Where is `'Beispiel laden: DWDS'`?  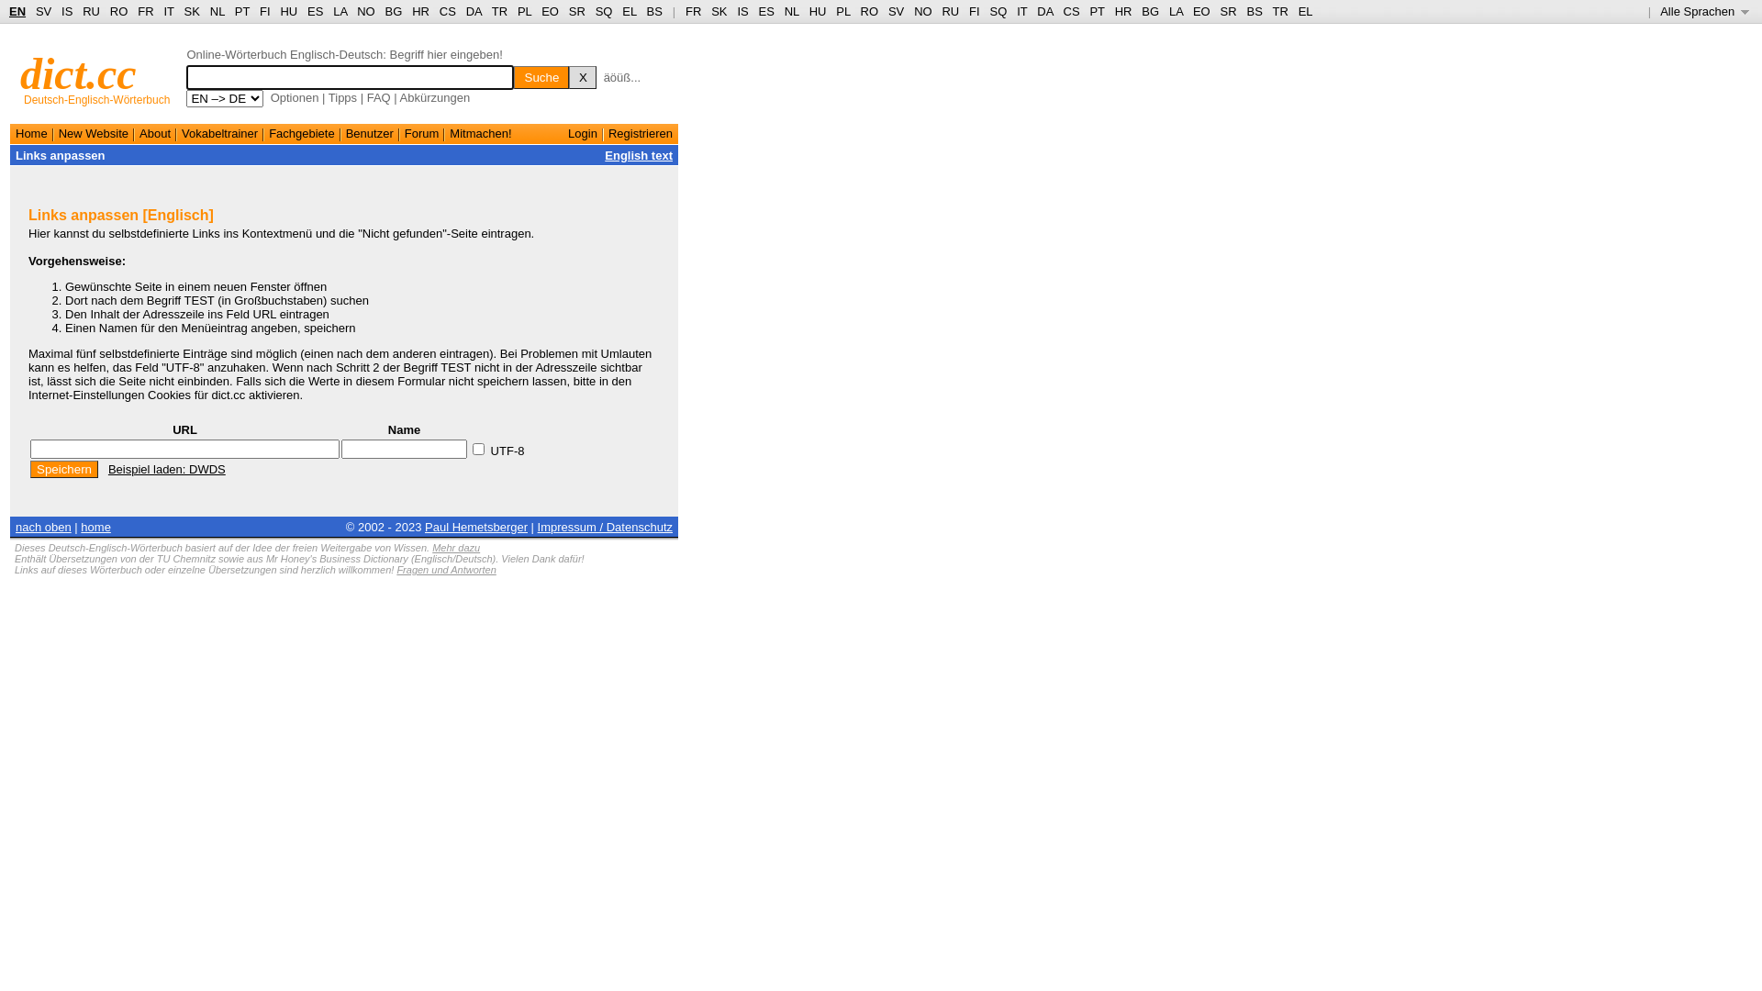 'Beispiel laden: DWDS' is located at coordinates (167, 468).